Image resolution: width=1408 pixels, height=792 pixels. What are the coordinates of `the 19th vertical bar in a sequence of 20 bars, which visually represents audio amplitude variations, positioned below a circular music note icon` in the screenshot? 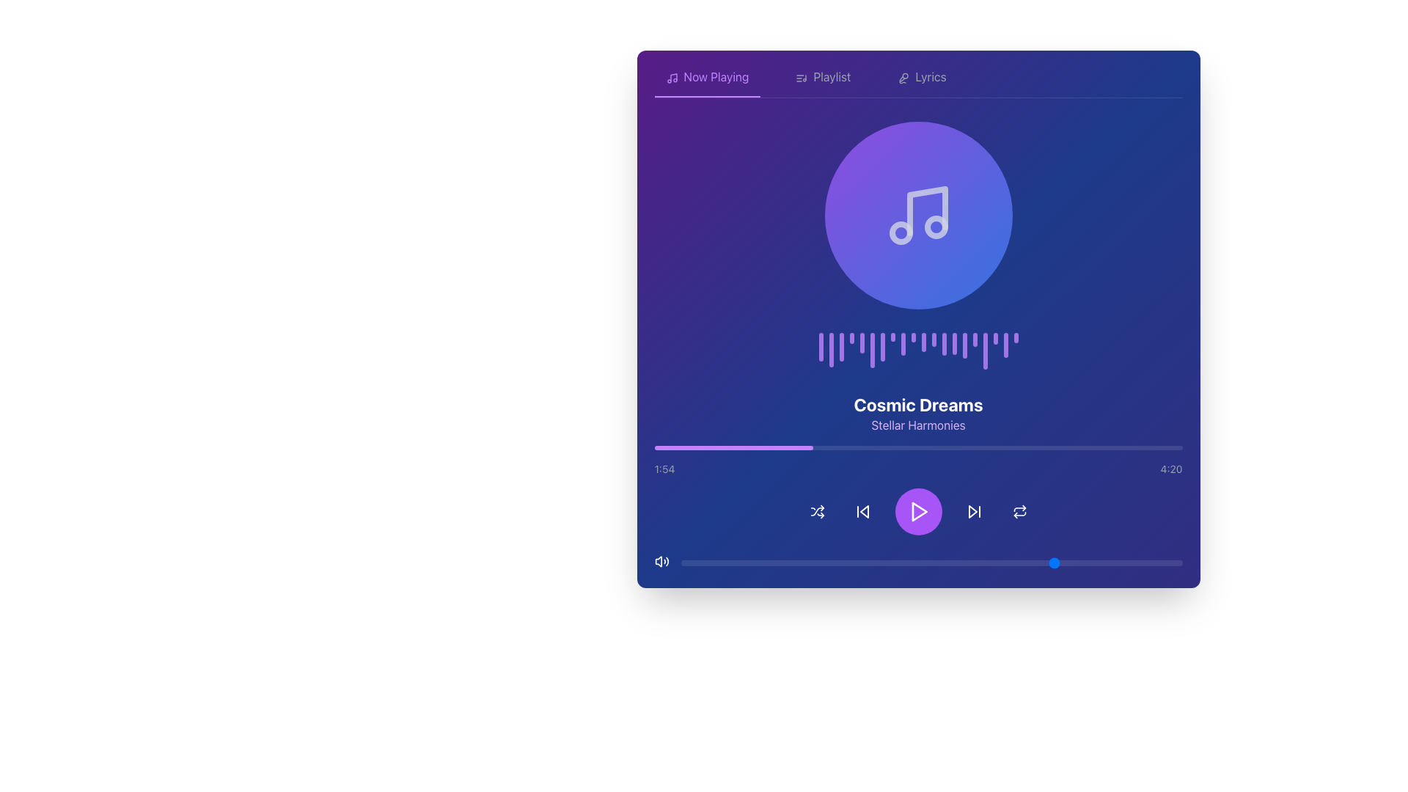 It's located at (1005, 345).